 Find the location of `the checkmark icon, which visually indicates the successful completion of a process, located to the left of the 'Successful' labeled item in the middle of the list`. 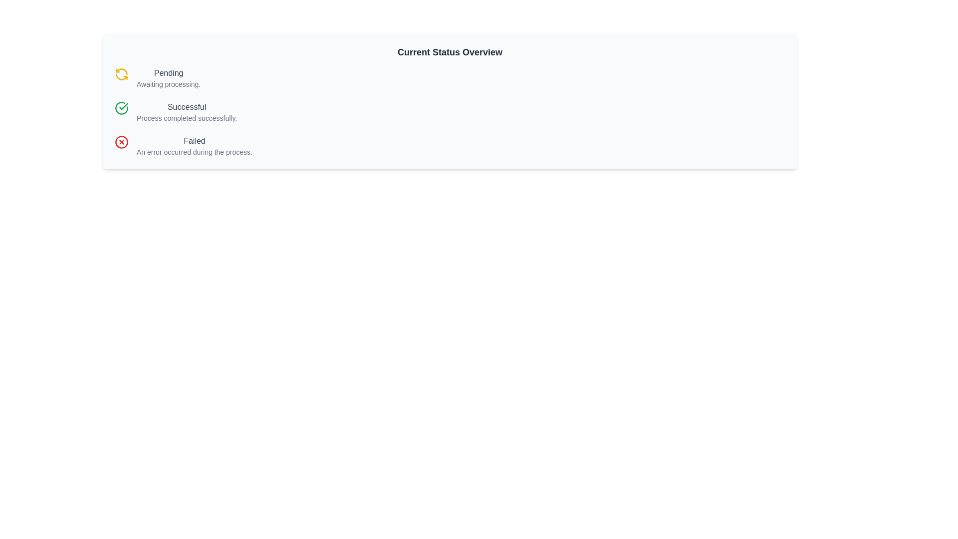

the checkmark icon, which visually indicates the successful completion of a process, located to the left of the 'Successful' labeled item in the middle of the list is located at coordinates (123, 106).